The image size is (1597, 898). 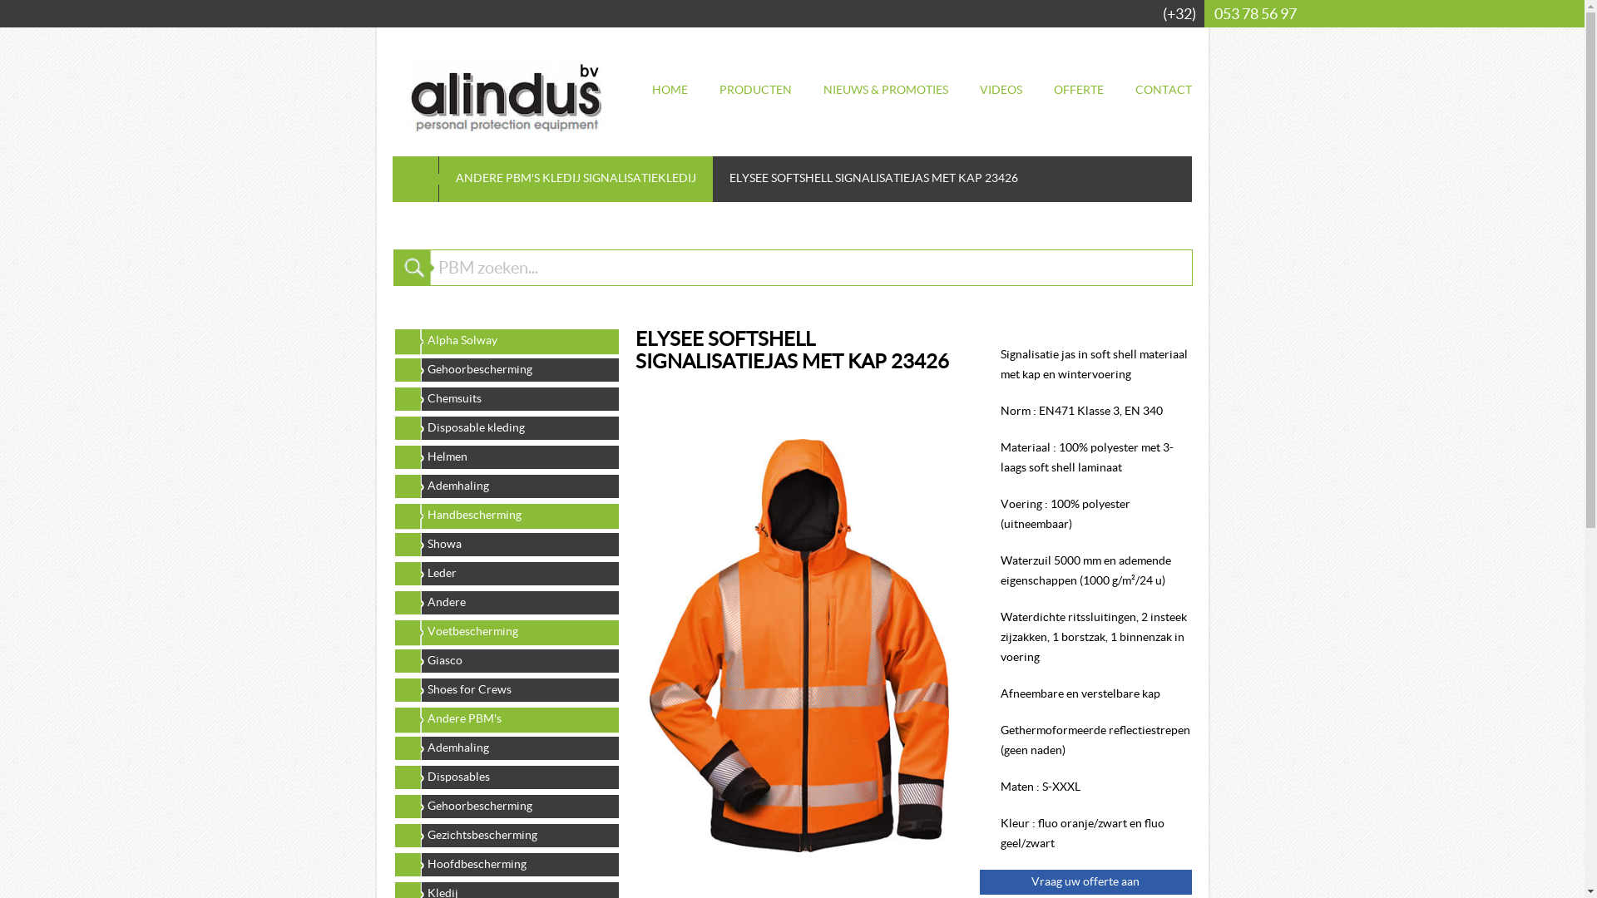 What do you see at coordinates (391, 776) in the screenshot?
I see `'Disposables'` at bounding box center [391, 776].